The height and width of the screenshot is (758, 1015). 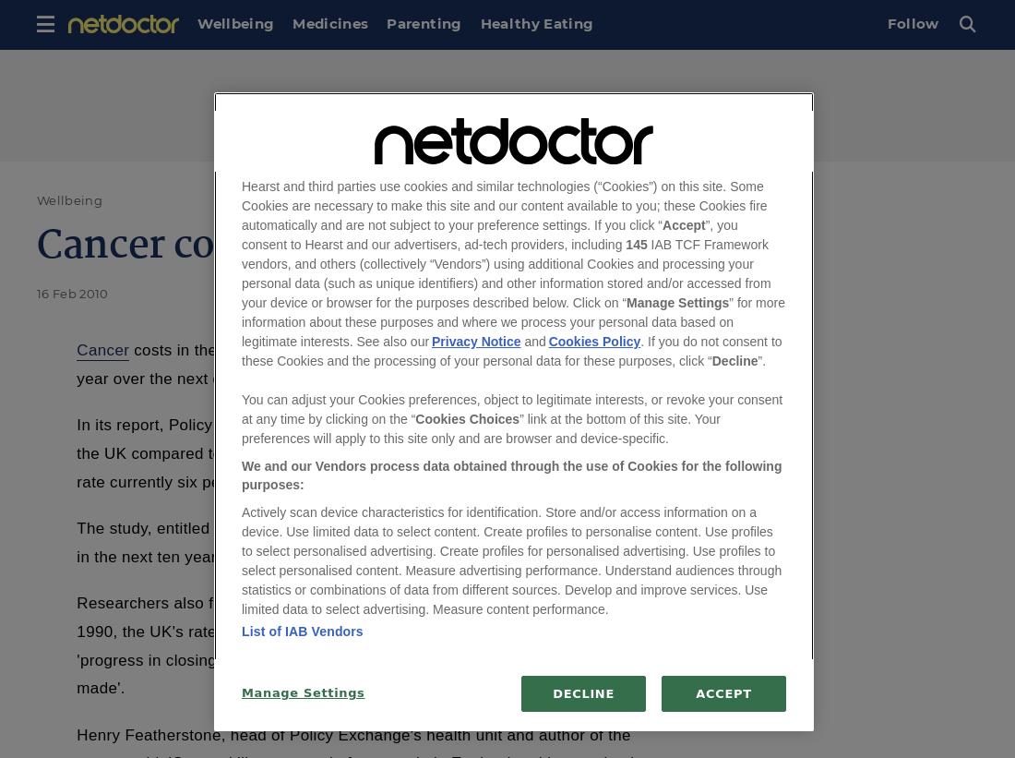 What do you see at coordinates (912, 22) in the screenshot?
I see `'Follow'` at bounding box center [912, 22].